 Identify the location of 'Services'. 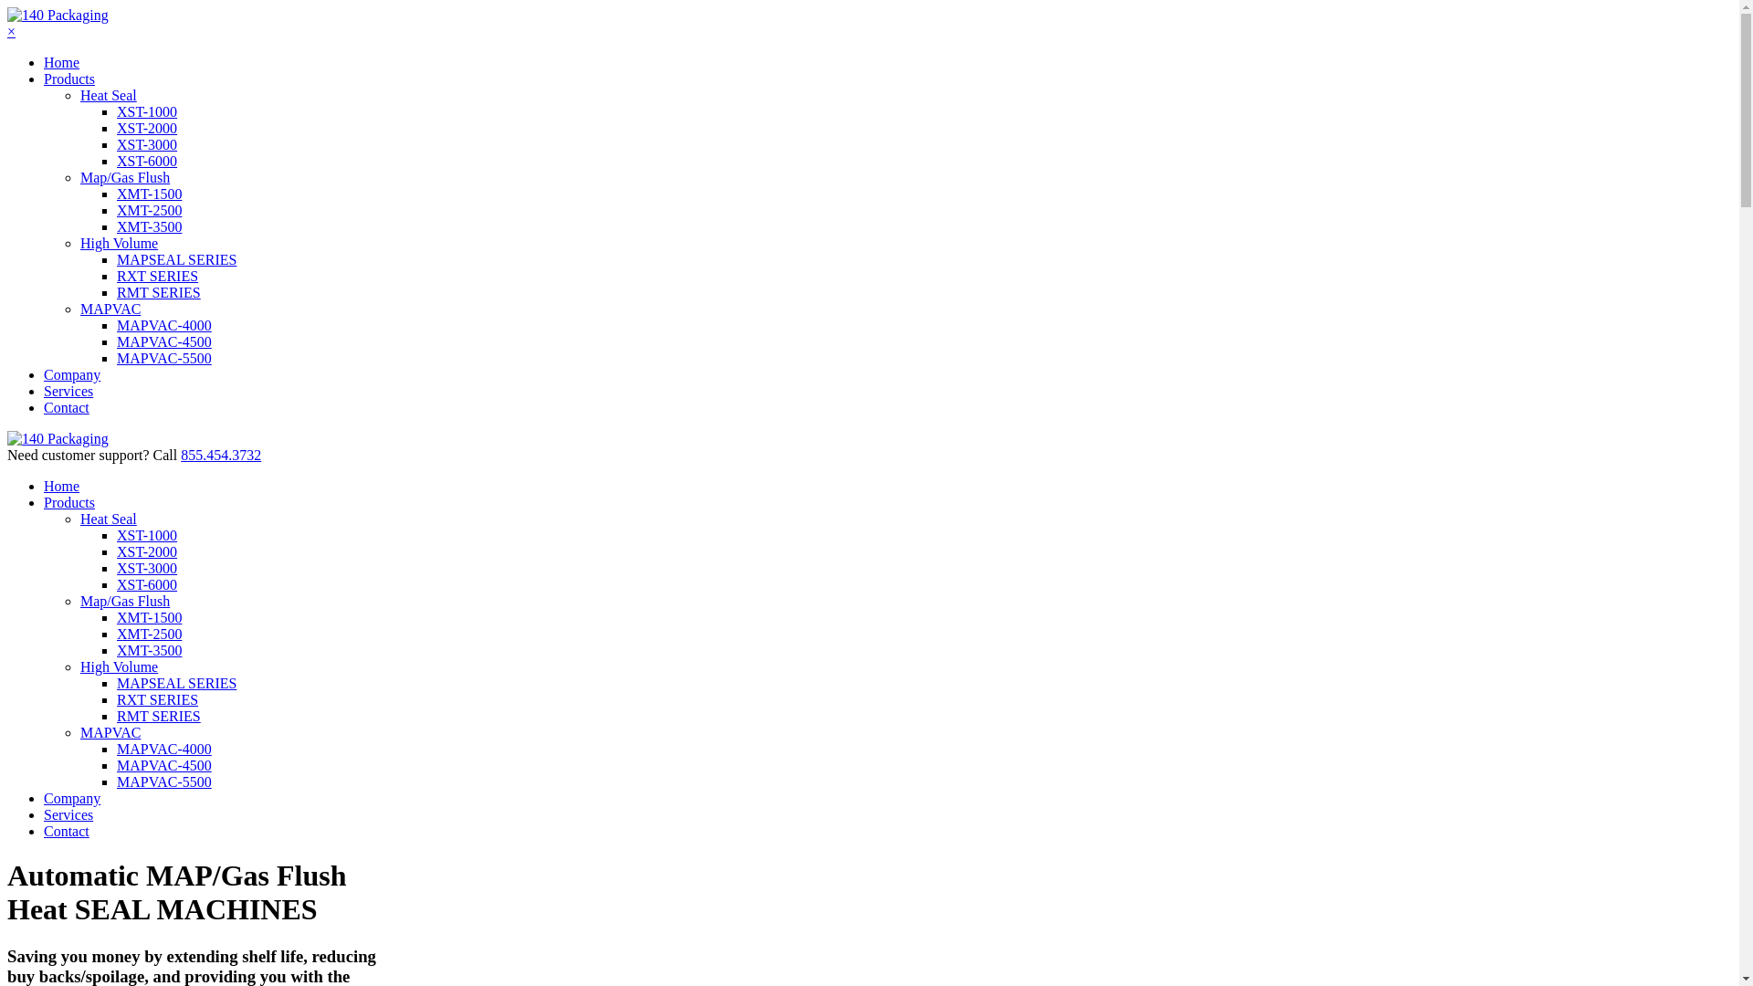
(68, 813).